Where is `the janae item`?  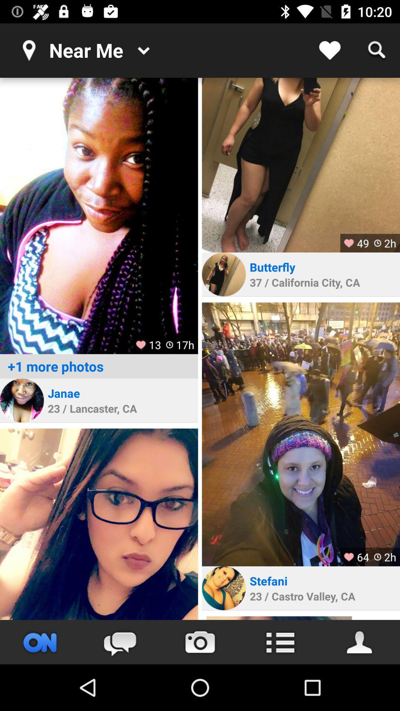
the janae item is located at coordinates (63, 393).